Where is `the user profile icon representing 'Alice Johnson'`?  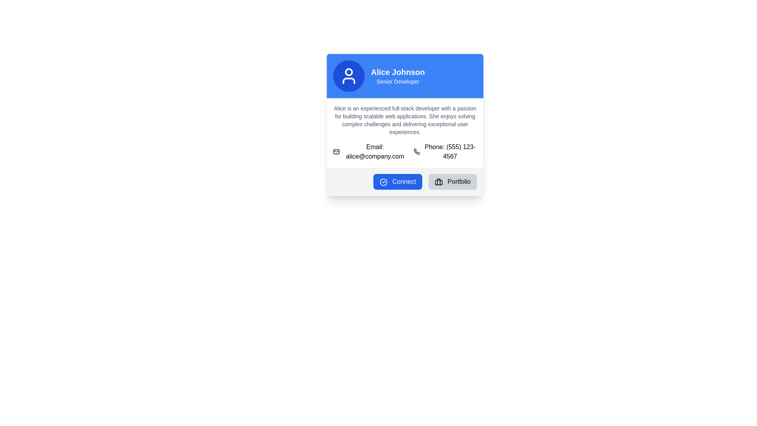
the user profile icon representing 'Alice Johnson' is located at coordinates (348, 76).